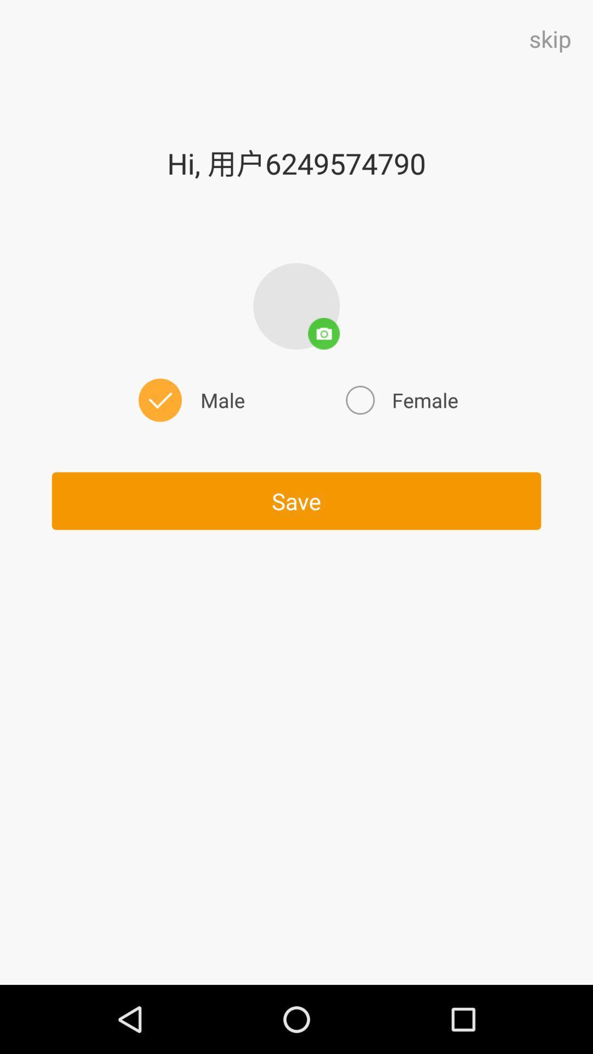 This screenshot has height=1054, width=593. I want to click on the male on the left, so click(189, 400).